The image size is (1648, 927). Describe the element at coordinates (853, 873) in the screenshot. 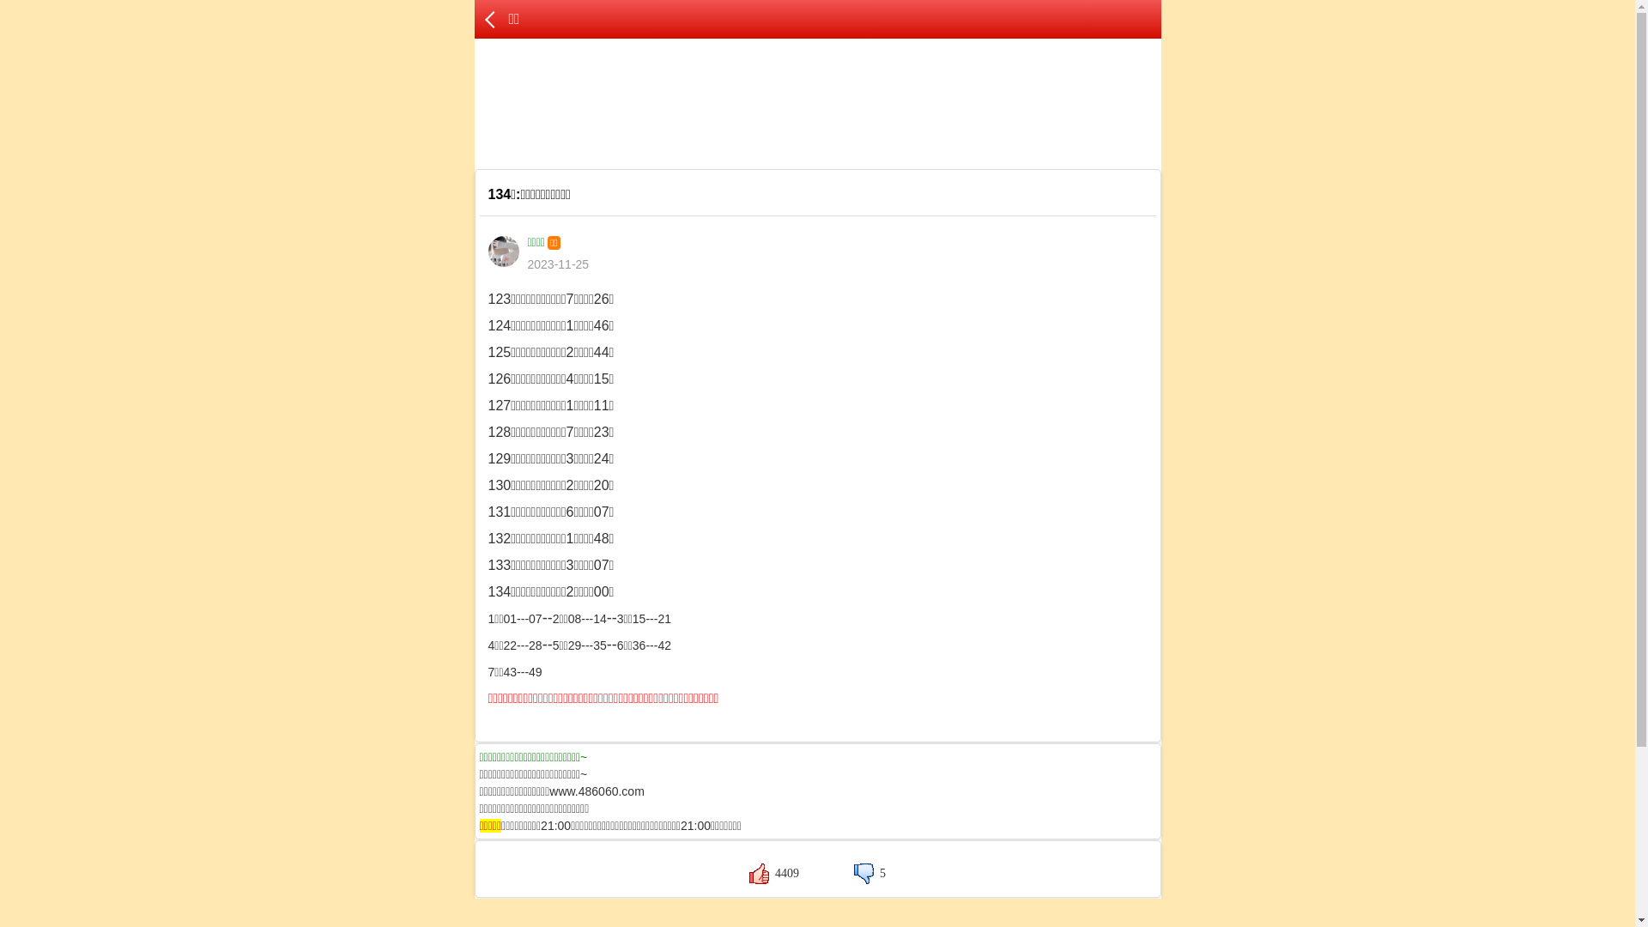

I see `'5'` at that location.